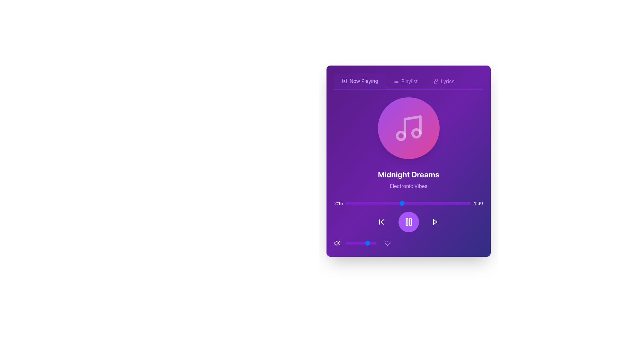 The height and width of the screenshot is (347, 617). Describe the element at coordinates (435, 221) in the screenshot. I see `the 'Skip Forward' button, which is represented as a monochrome forward arrow icon on a purple background, located at the end of the row of media control buttons` at that location.